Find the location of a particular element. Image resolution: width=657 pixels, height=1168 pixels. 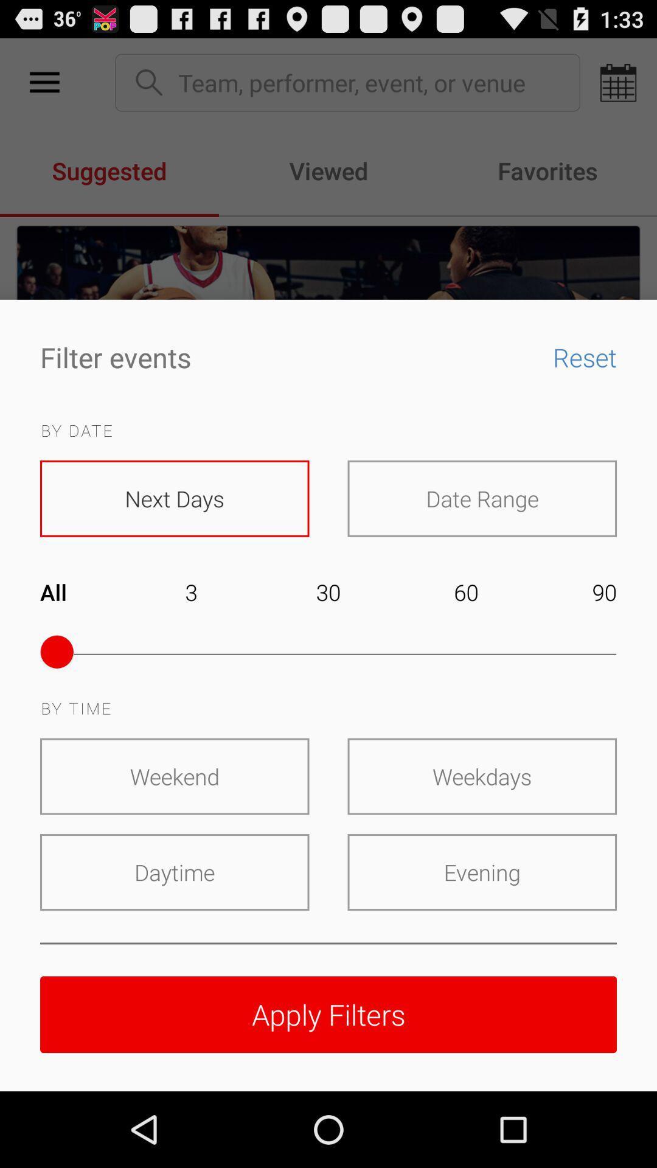

the icon to the right of the daytime item is located at coordinates (481, 872).